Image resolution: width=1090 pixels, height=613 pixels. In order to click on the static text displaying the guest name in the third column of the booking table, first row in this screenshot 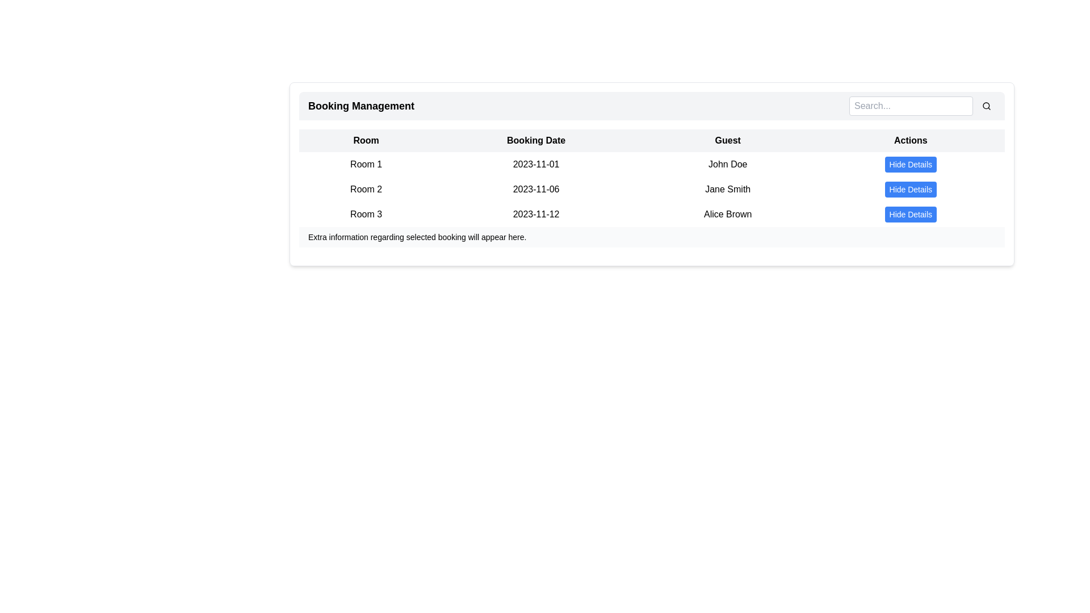, I will do `click(728, 164)`.